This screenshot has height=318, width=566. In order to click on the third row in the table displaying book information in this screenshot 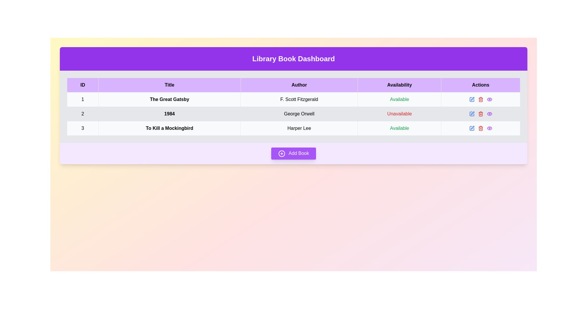, I will do `click(294, 128)`.